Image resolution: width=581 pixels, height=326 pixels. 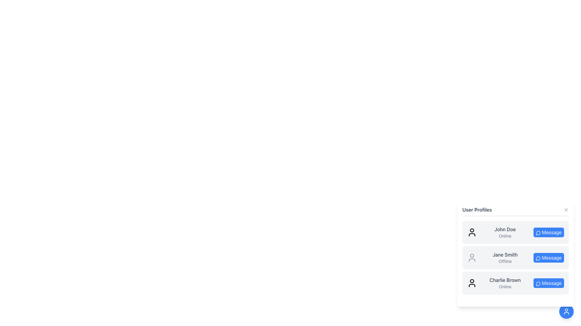 I want to click on the lower segment of the user profile icon representing 'John Doe' in the user profile list, so click(x=472, y=235).